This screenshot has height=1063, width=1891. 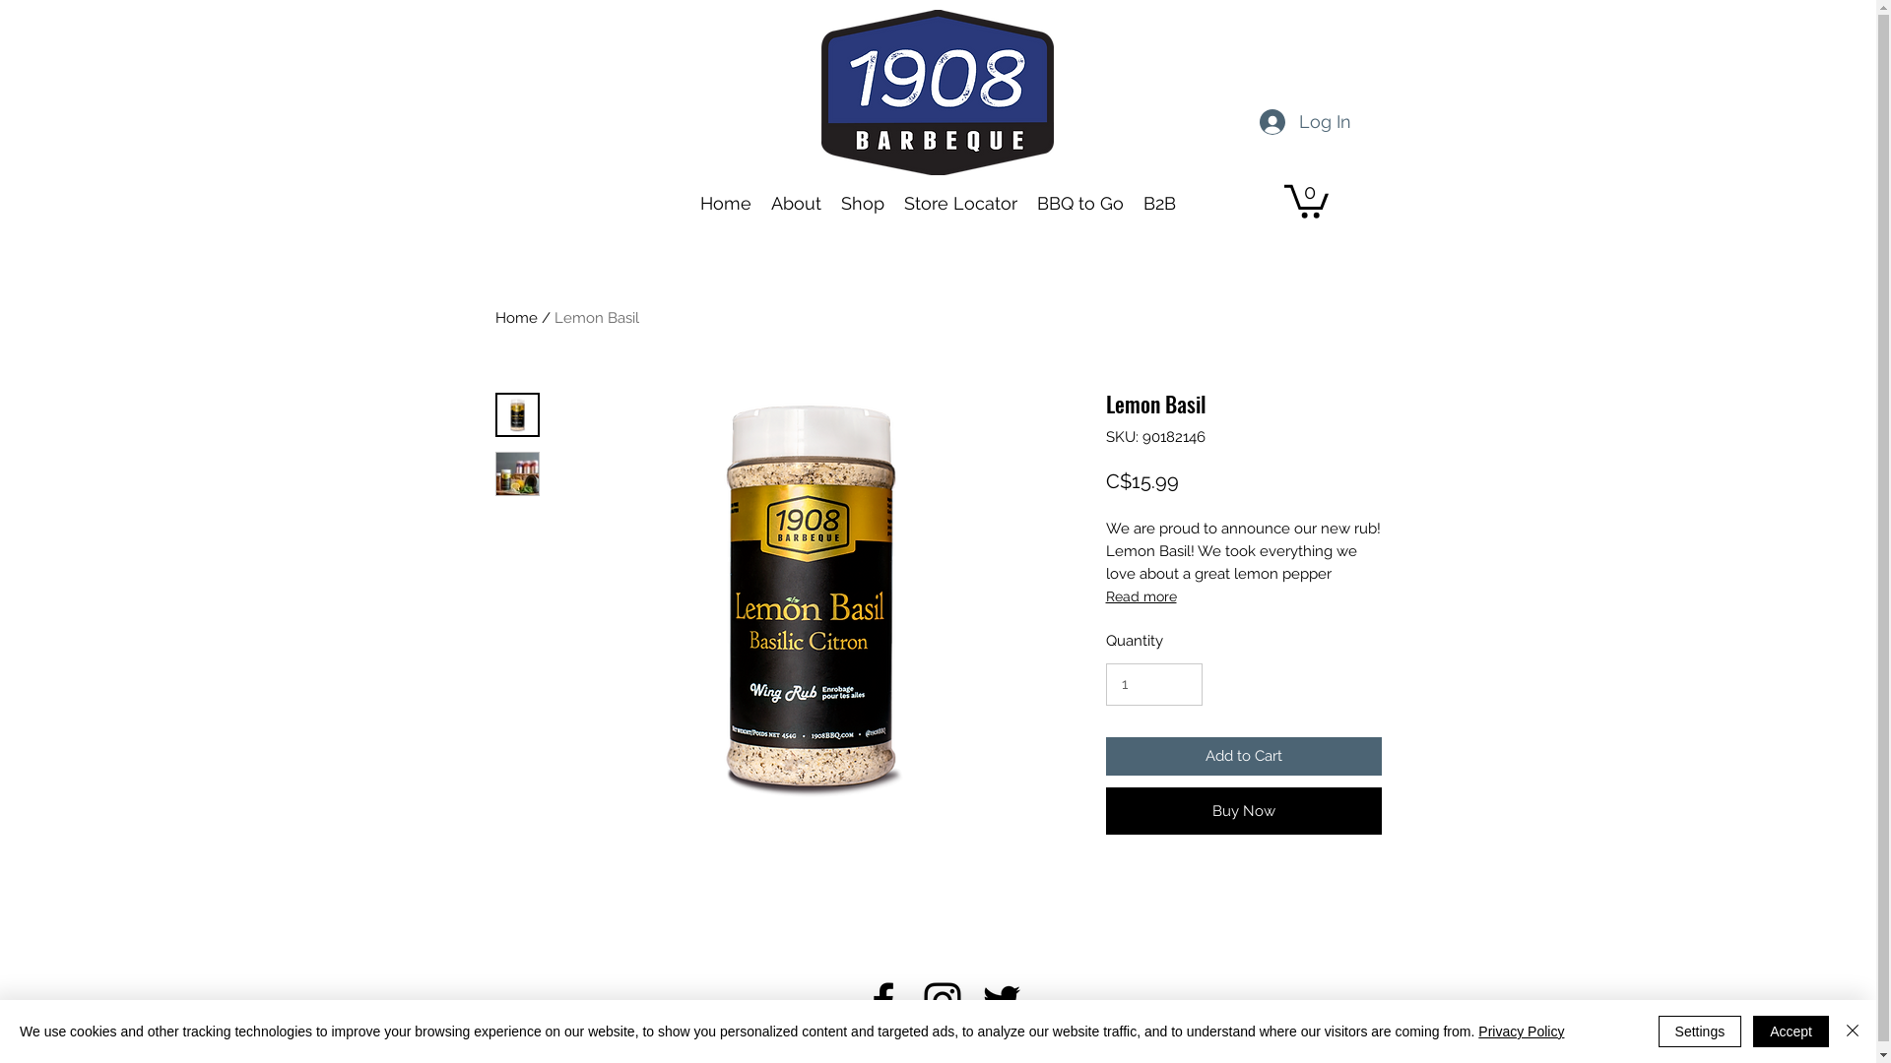 I want to click on 'Privacy Policy', so click(x=1520, y=1031).